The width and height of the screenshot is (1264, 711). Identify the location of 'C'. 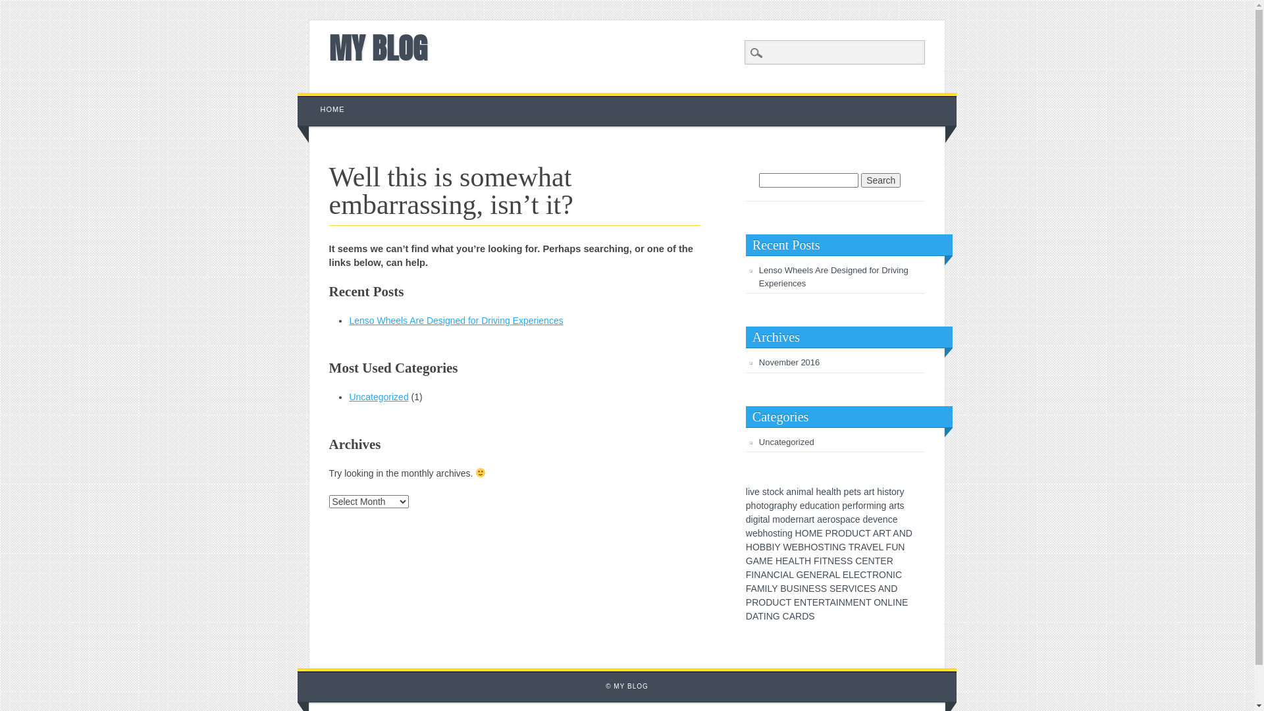
(781, 602).